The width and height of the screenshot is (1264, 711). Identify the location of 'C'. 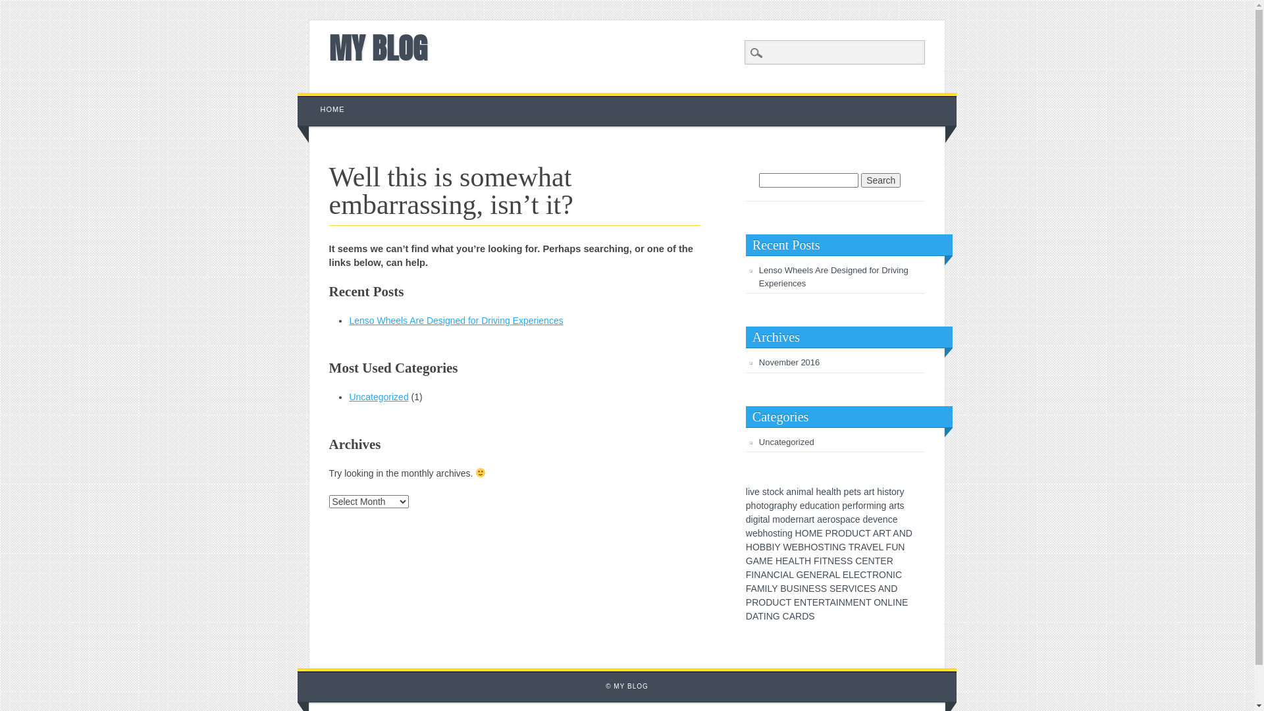
(781, 602).